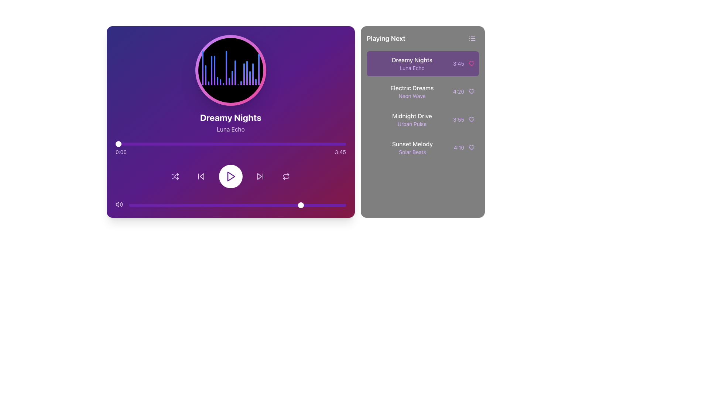  I want to click on the playback position, so click(232, 144).